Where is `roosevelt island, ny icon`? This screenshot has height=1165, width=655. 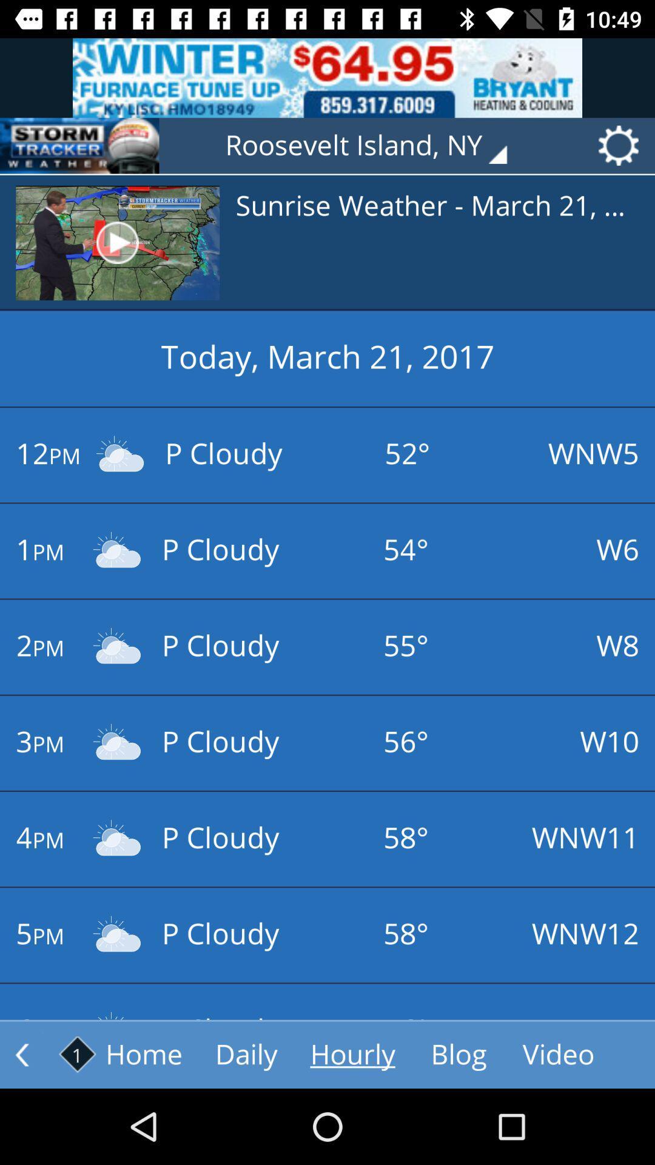
roosevelt island, ny icon is located at coordinates (374, 146).